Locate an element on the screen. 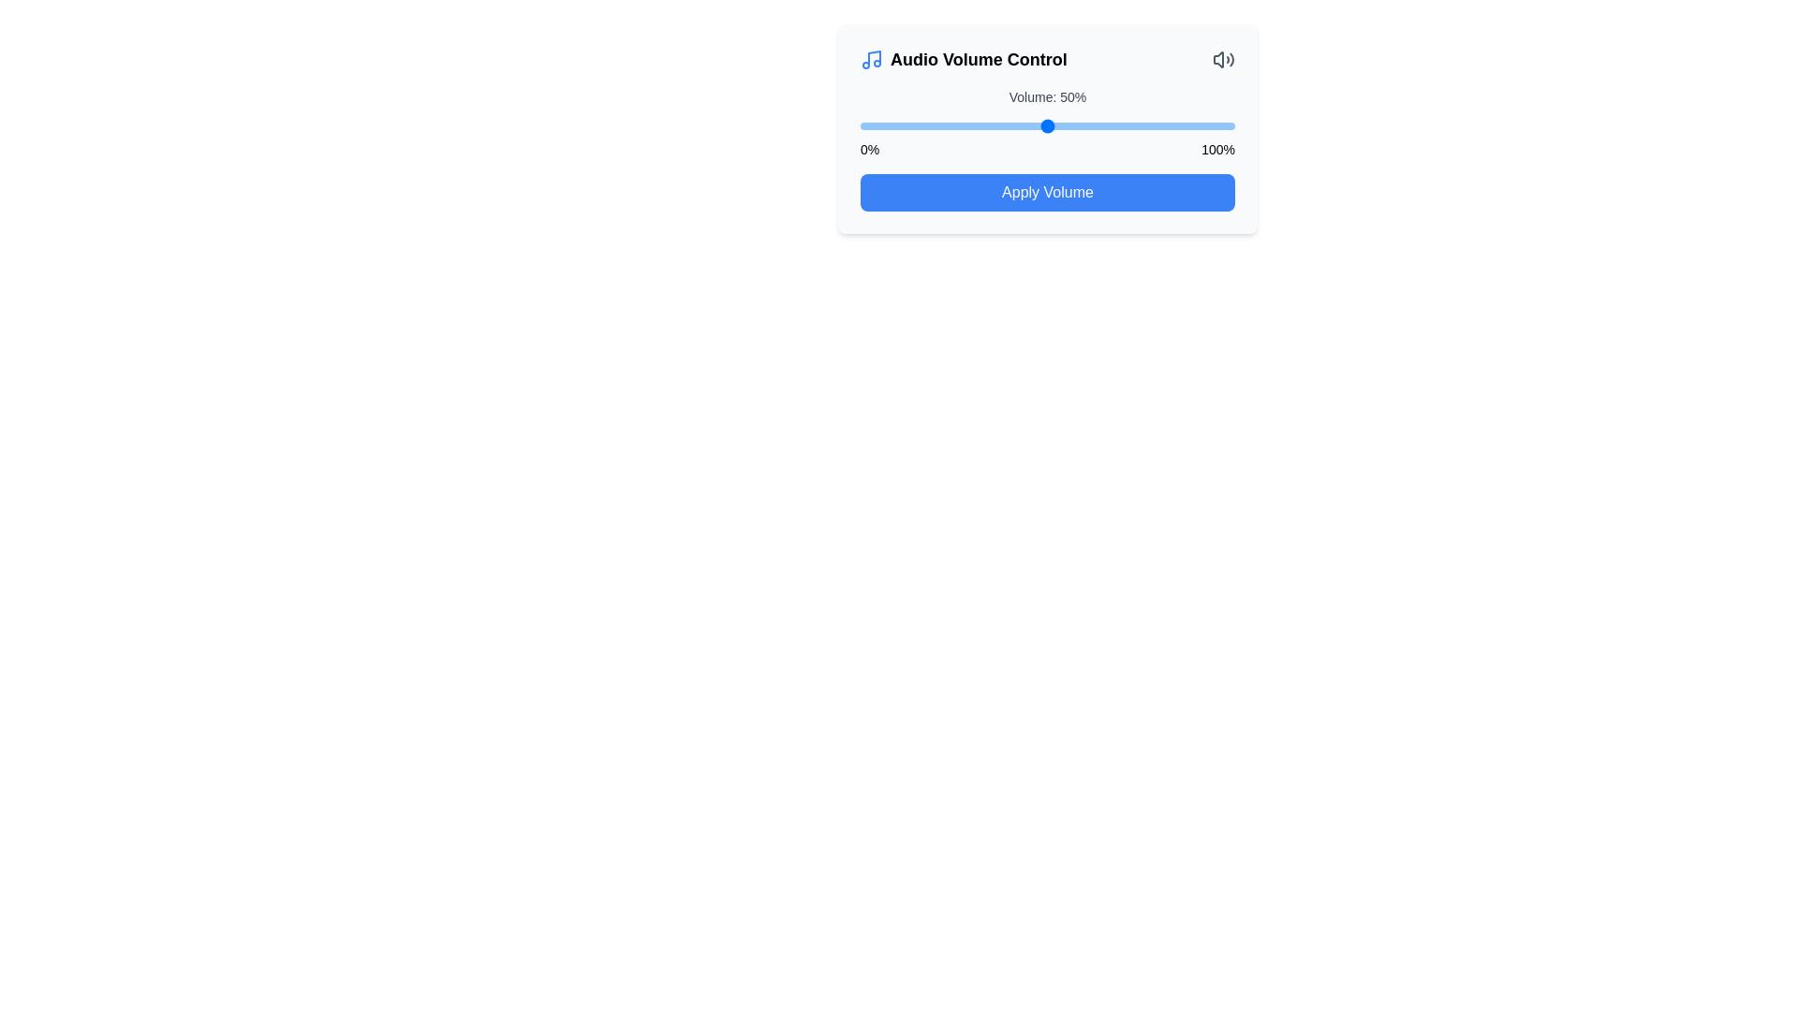 The width and height of the screenshot is (1798, 1011). the volume is located at coordinates (1046, 126).